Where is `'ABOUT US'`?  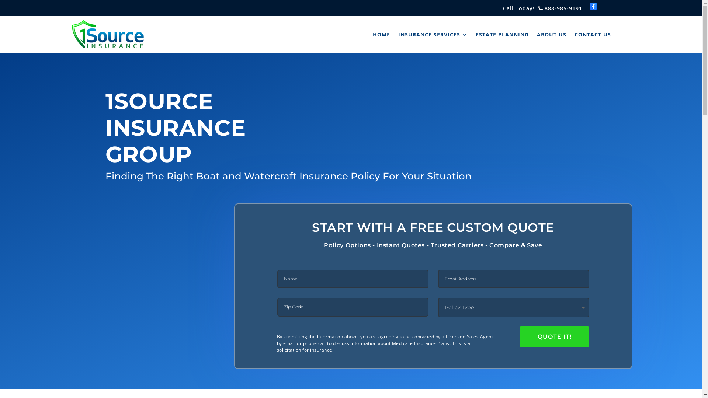 'ABOUT US' is located at coordinates (552, 35).